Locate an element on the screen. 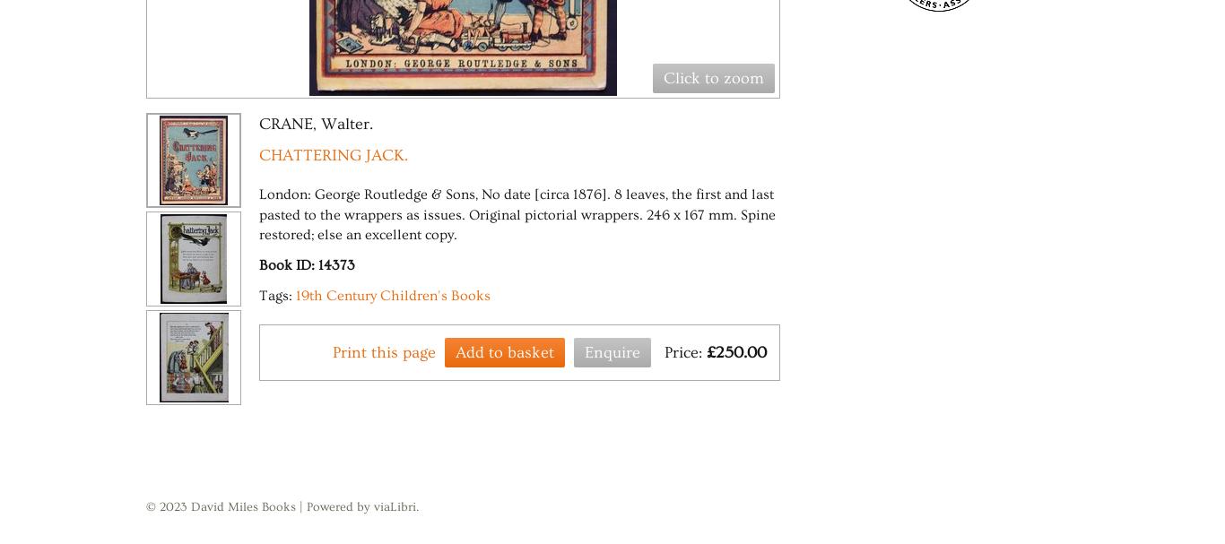 The image size is (1225, 544). 'CHATTERING JACK.' is located at coordinates (332, 154).